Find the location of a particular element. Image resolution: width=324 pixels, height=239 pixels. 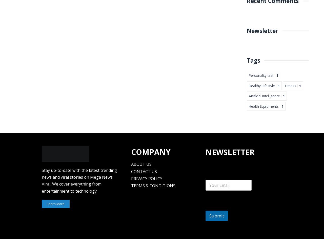

'Stay up-to-date with the latest trending news and viral stories on Mega News Viral. We cover everything from entertainment to technology.' is located at coordinates (42, 180).